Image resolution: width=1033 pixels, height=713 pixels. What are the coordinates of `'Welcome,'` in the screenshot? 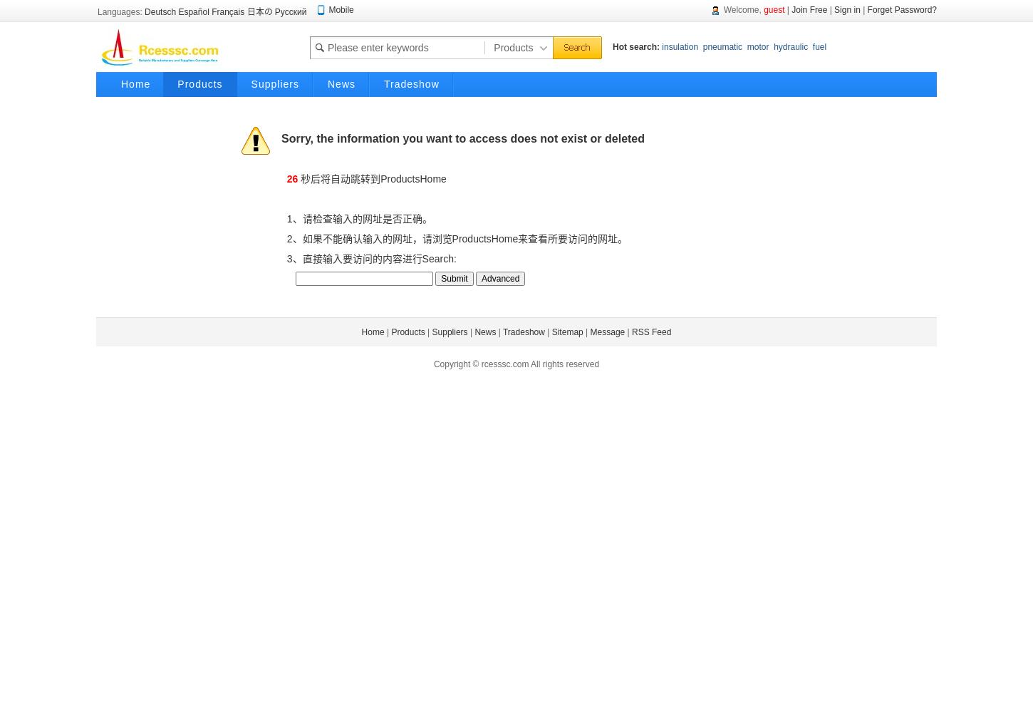 It's located at (718, 10).